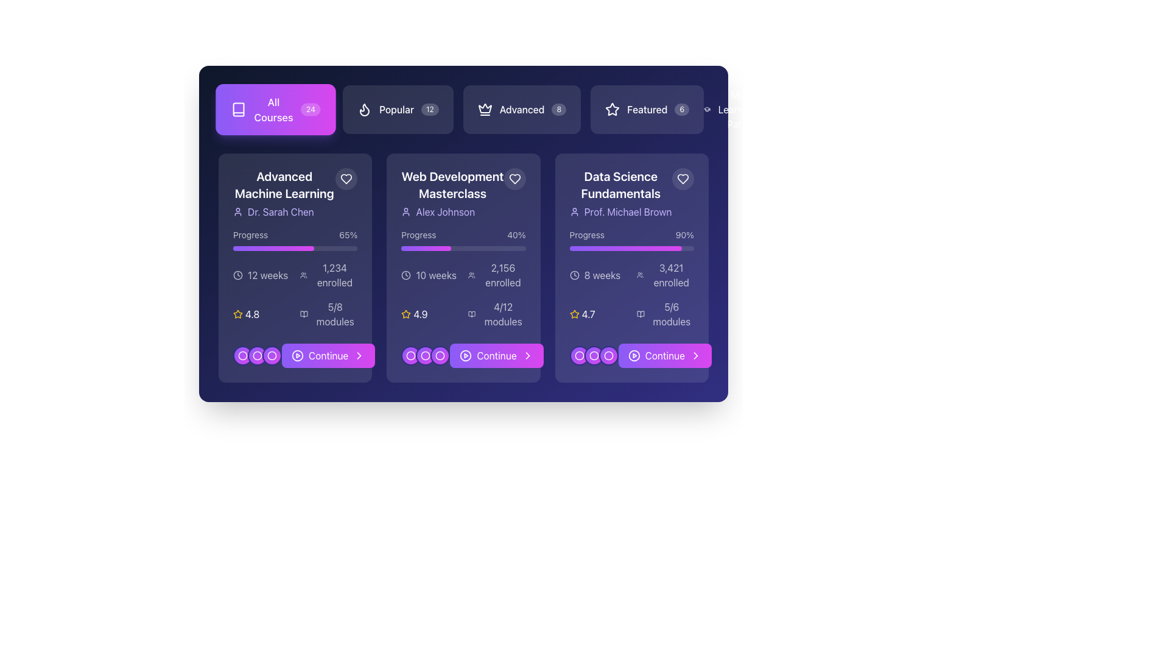 The width and height of the screenshot is (1169, 658). Describe the element at coordinates (335, 314) in the screenshot. I see `the text label indicating progress in the 'Advanced Machine Learning' course, which is located to the right of a book icon and below enrollment and course duration details` at that location.